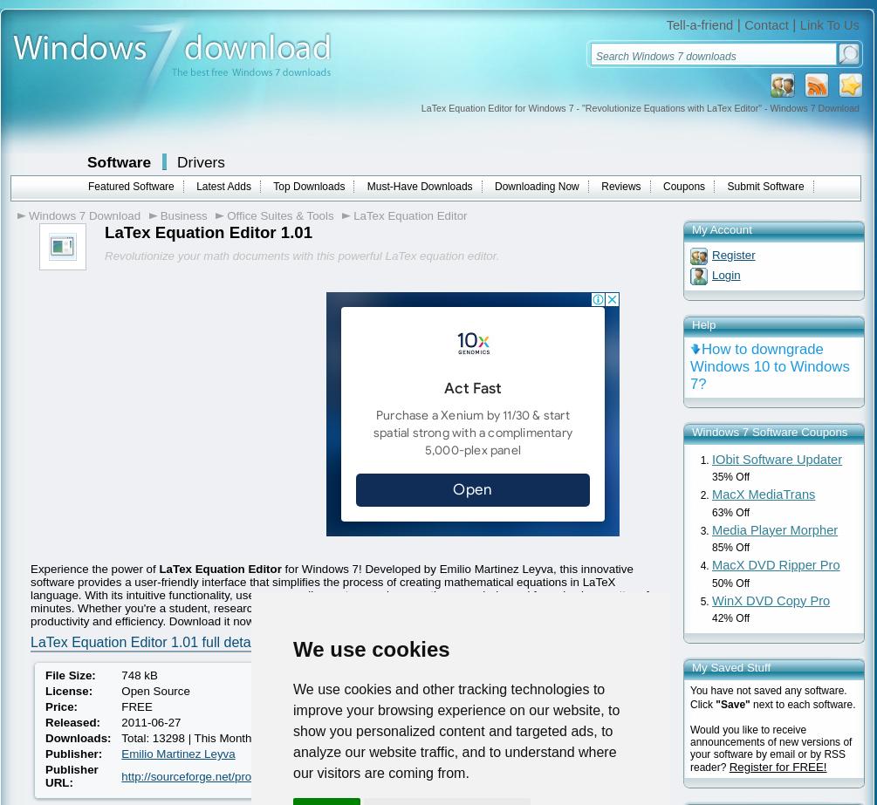 The width and height of the screenshot is (877, 805). What do you see at coordinates (131, 187) in the screenshot?
I see `'Featured Software'` at bounding box center [131, 187].